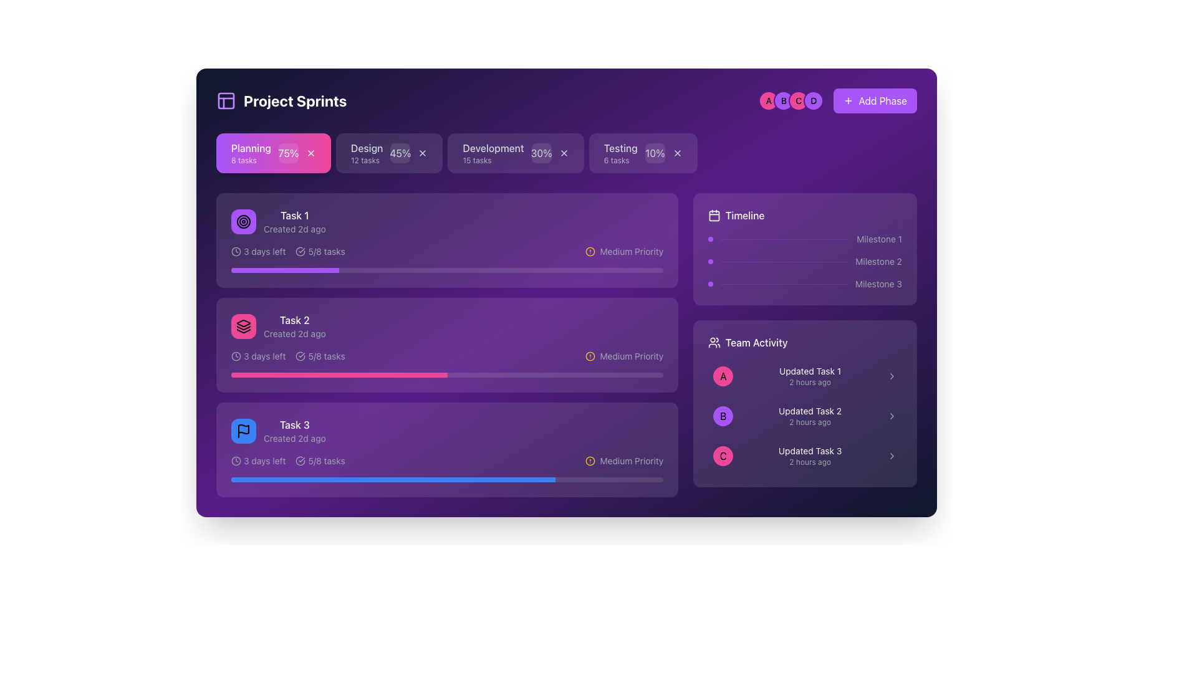 Image resolution: width=1197 pixels, height=673 pixels. What do you see at coordinates (714, 215) in the screenshot?
I see `the timeline or calendar decorative icon located to the left of the 'Timeline' text in the upper-right section of the interface` at bounding box center [714, 215].